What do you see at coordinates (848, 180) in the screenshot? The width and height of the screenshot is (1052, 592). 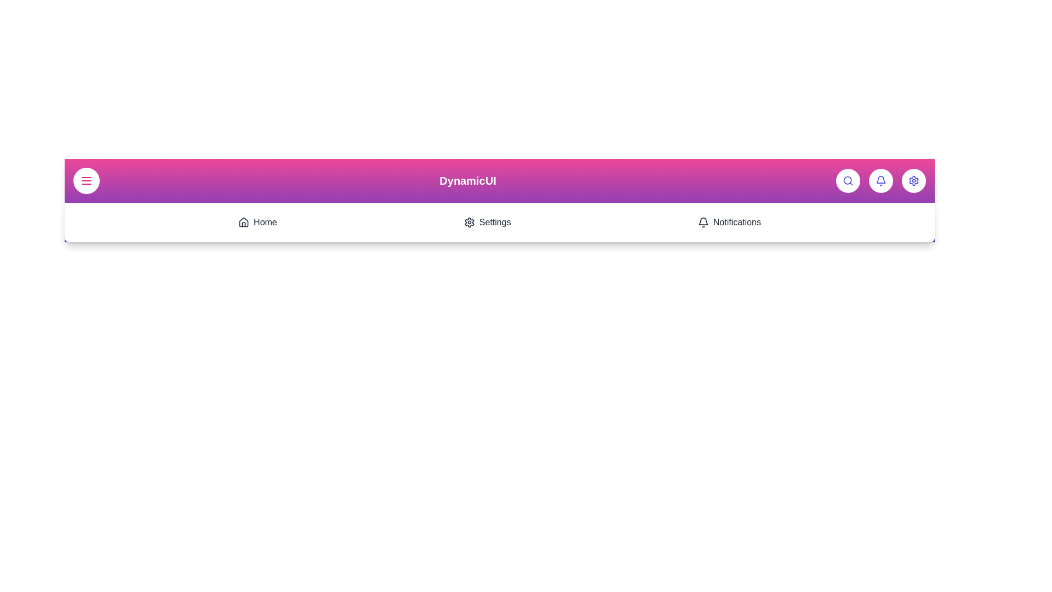 I see `the 'Search' button` at bounding box center [848, 180].